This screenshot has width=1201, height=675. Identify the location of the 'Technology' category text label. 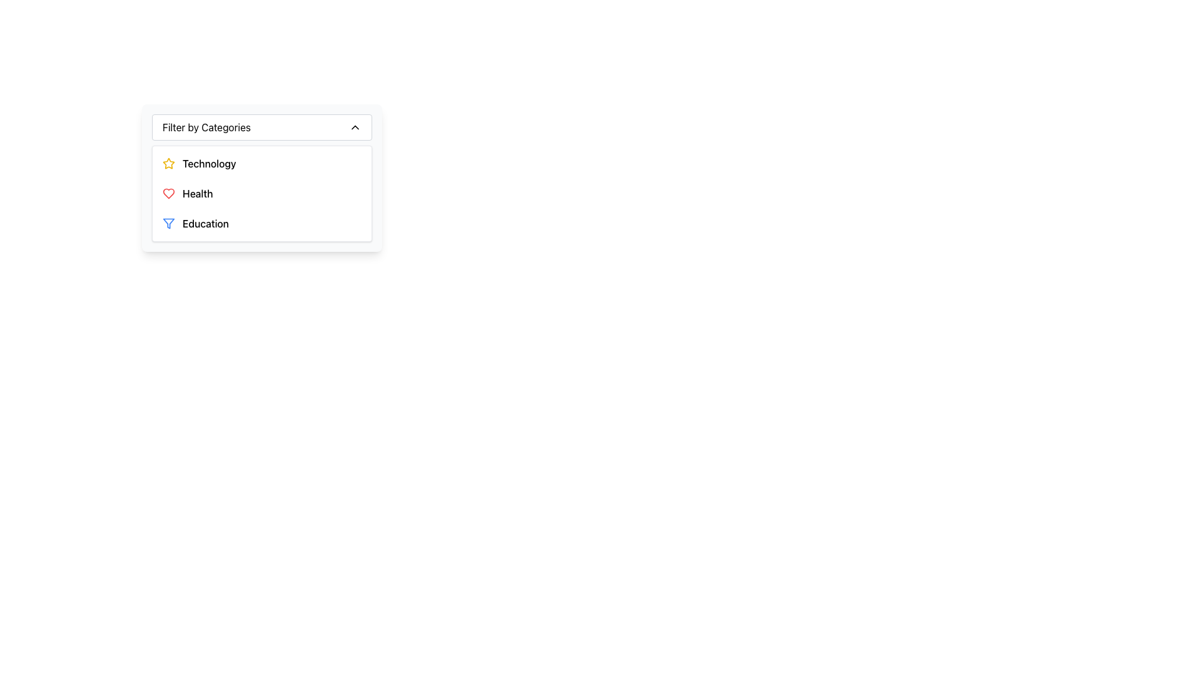
(209, 163).